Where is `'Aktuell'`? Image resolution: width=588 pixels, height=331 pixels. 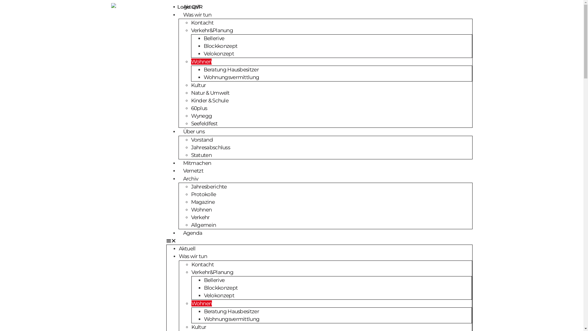 'Aktuell' is located at coordinates (187, 248).